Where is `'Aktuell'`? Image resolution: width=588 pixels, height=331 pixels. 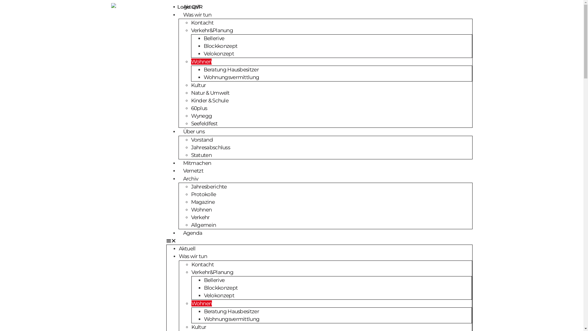 'Aktuell' is located at coordinates (187, 248).